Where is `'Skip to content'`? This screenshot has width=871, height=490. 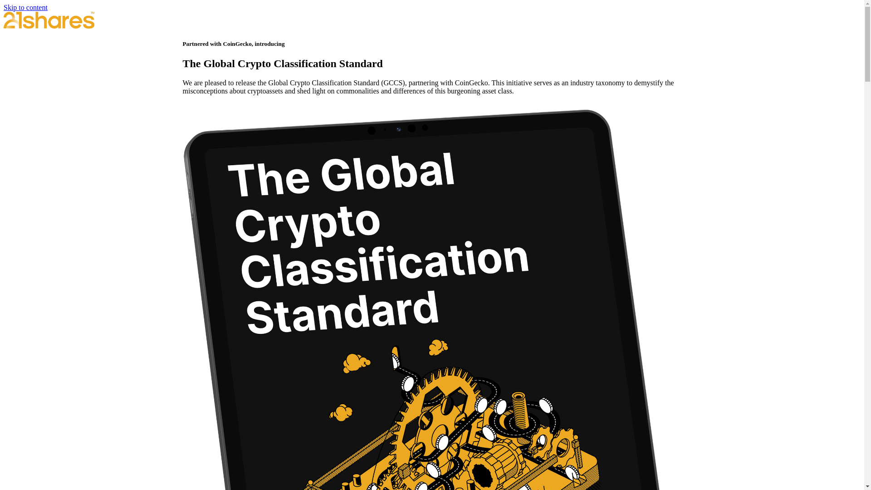
'Skip to content' is located at coordinates (25, 7).